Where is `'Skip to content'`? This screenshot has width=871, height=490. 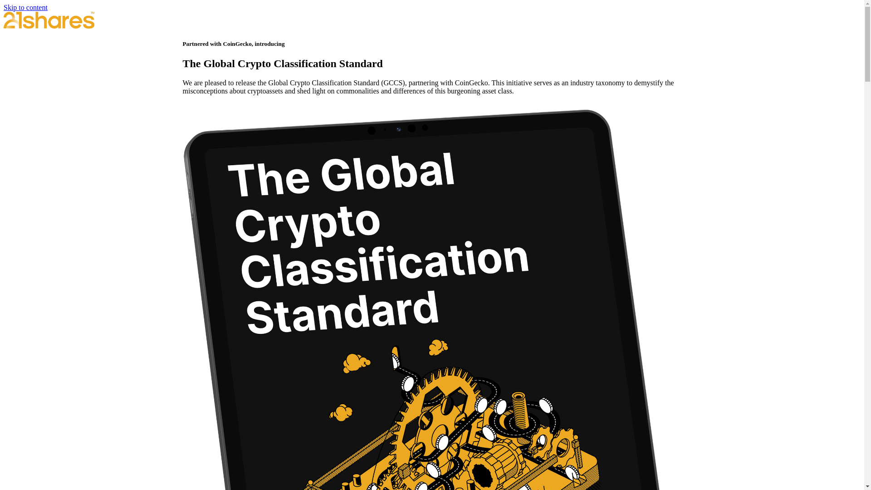
'Skip to content' is located at coordinates (25, 7).